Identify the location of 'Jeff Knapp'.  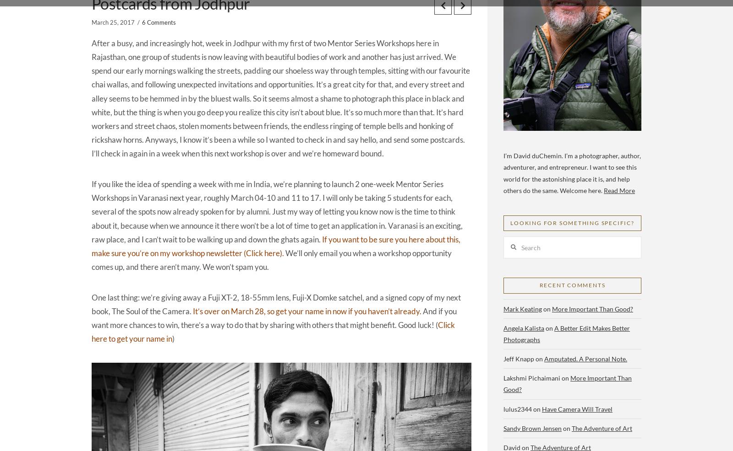
(503, 359).